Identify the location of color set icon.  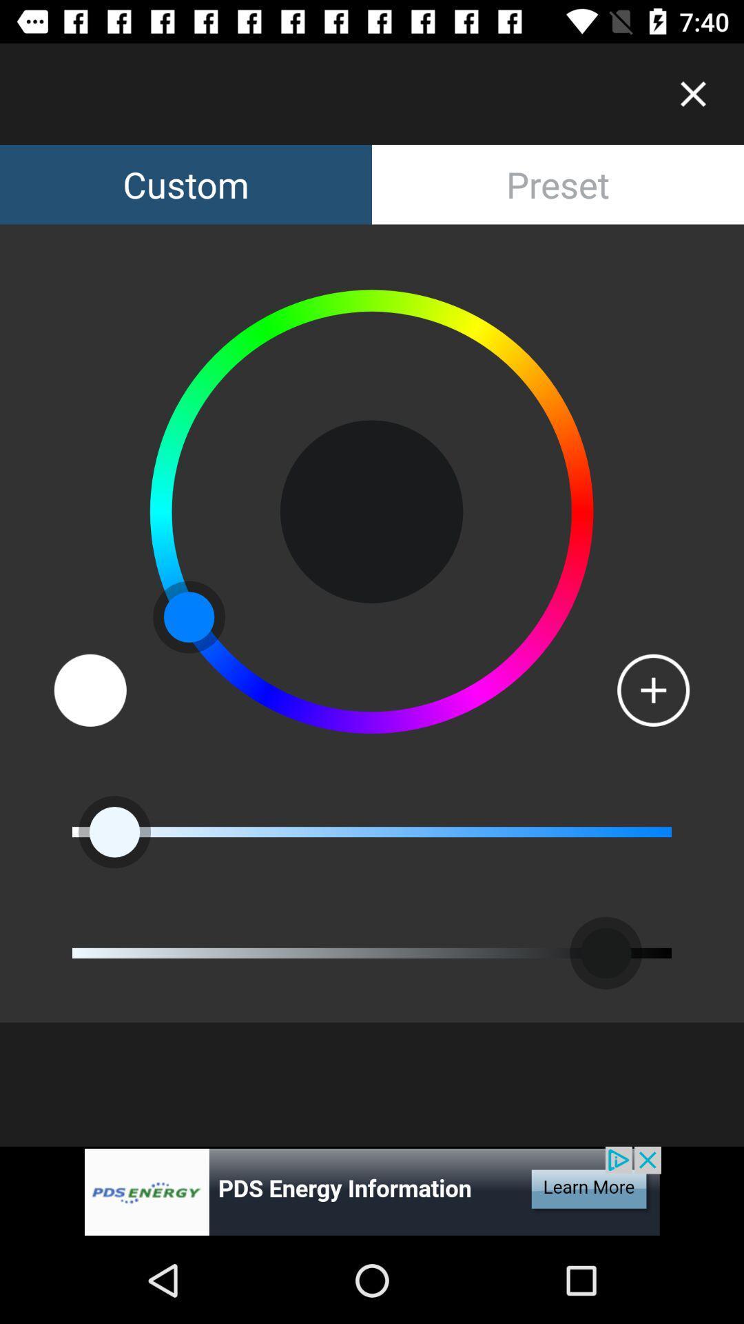
(90, 690).